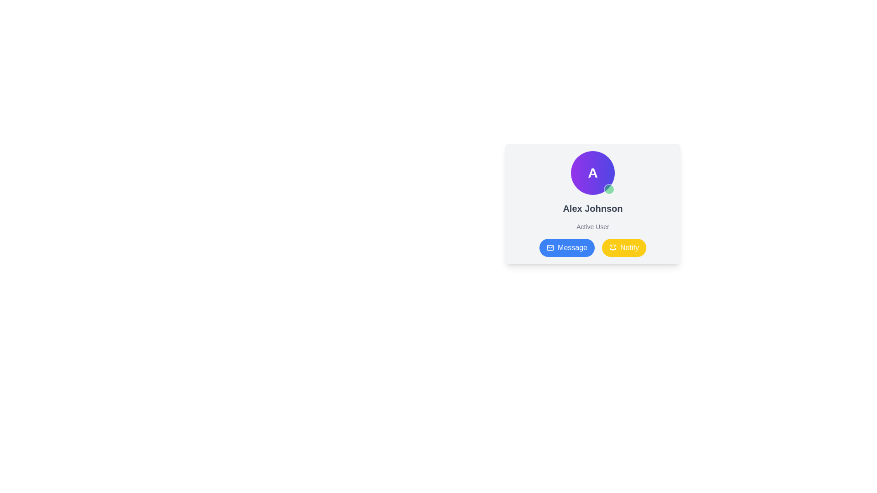 This screenshot has height=493, width=877. Describe the element at coordinates (572, 248) in the screenshot. I see `the 'Message' text label, which is part of a rounded button with a blue background` at that location.